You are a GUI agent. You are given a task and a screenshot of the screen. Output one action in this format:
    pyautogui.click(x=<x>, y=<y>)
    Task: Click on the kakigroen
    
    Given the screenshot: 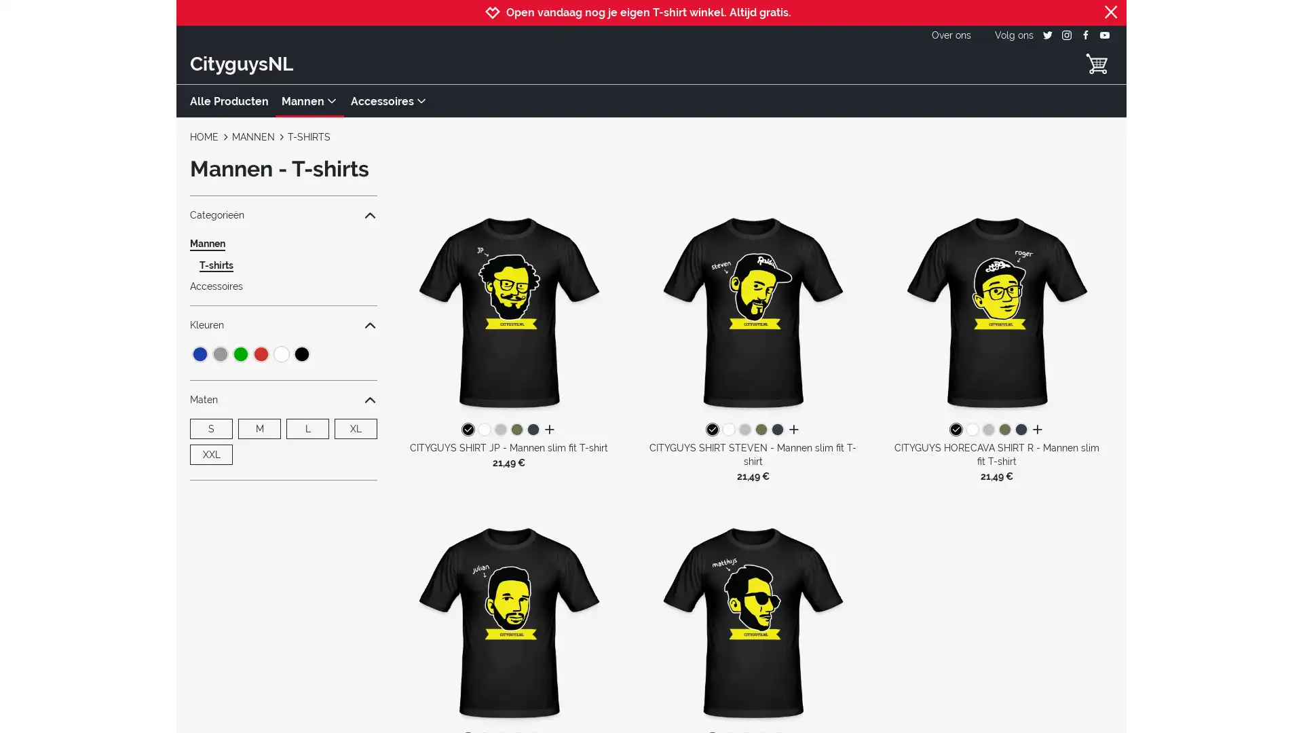 What is the action you would take?
    pyautogui.click(x=761, y=430)
    